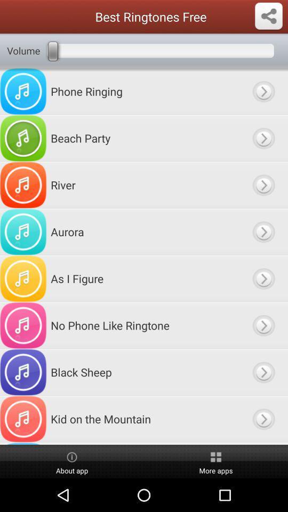 The height and width of the screenshot is (512, 288). What do you see at coordinates (263, 372) in the screenshot?
I see `button` at bounding box center [263, 372].